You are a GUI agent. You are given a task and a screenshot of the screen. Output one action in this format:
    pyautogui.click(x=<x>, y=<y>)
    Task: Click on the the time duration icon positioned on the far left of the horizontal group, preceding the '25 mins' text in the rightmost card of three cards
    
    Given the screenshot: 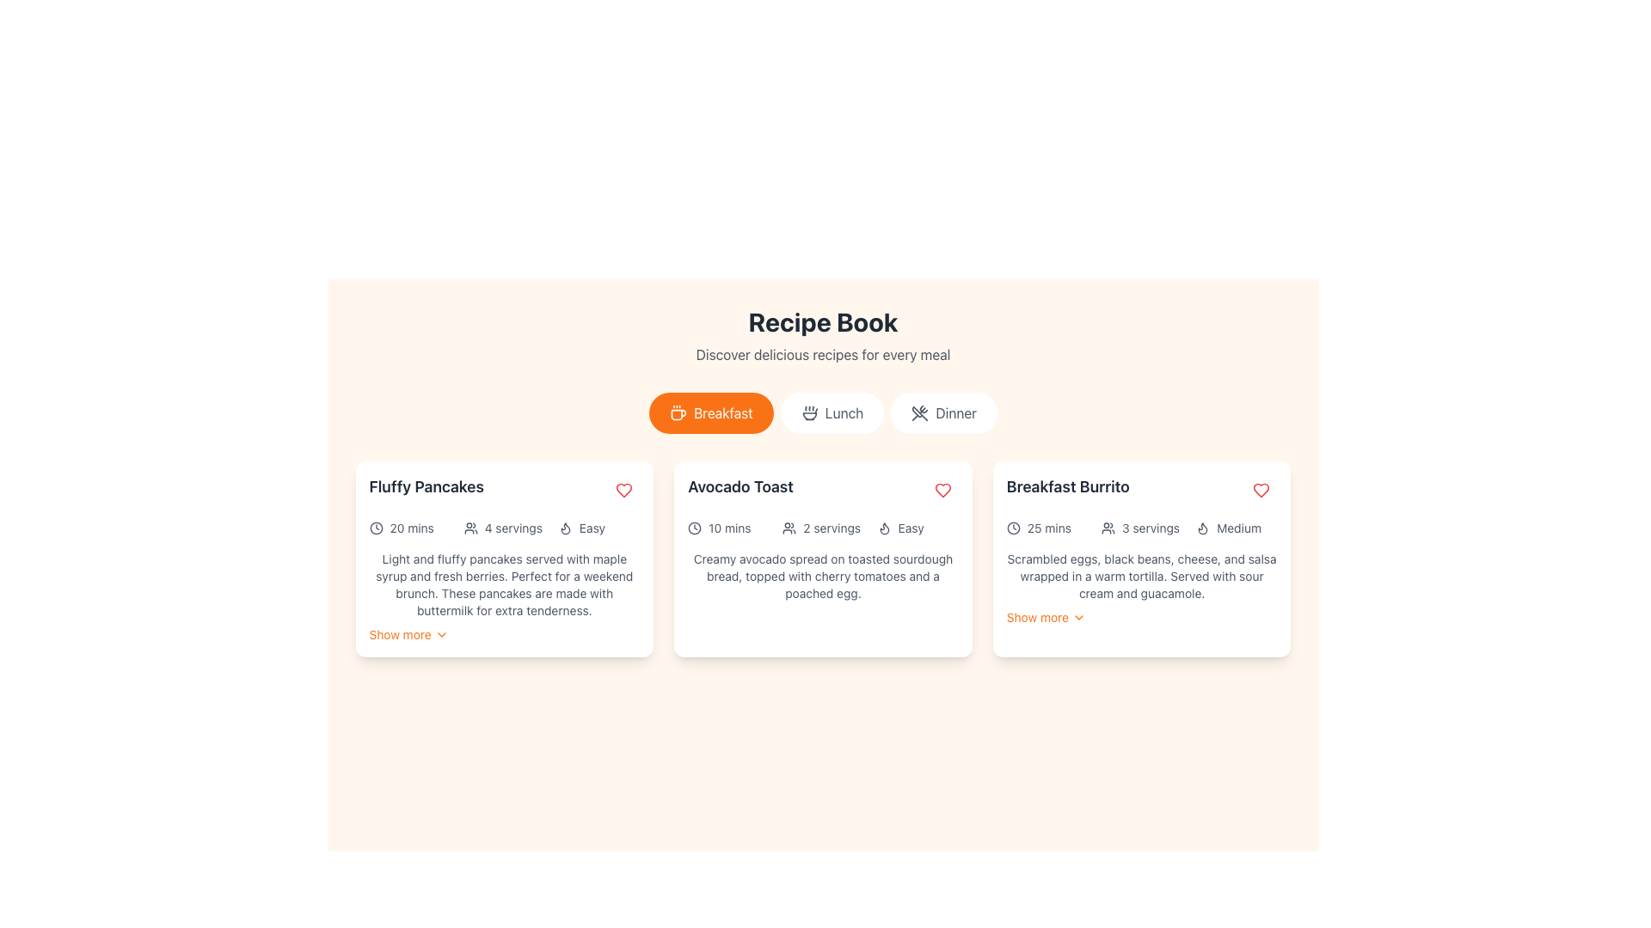 What is the action you would take?
    pyautogui.click(x=1013, y=527)
    